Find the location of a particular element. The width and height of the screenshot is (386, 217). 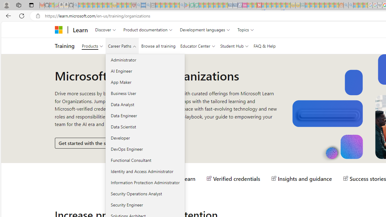

'Browse all training' is located at coordinates (158, 46).